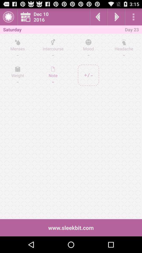 This screenshot has height=253, width=142. What do you see at coordinates (133, 18) in the screenshot?
I see `the more icon` at bounding box center [133, 18].